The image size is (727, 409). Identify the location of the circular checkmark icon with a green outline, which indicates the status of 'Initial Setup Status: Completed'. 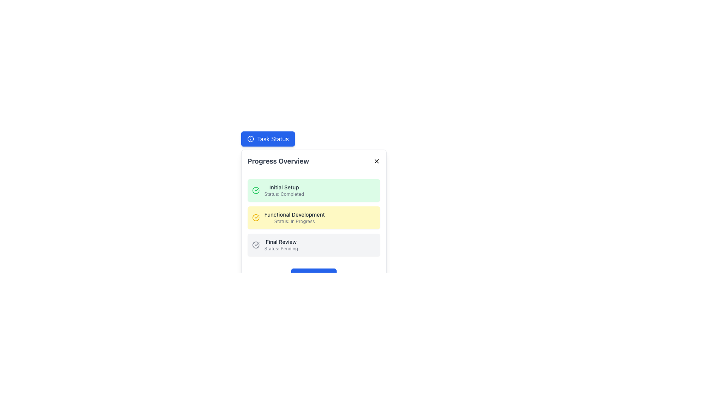
(256, 190).